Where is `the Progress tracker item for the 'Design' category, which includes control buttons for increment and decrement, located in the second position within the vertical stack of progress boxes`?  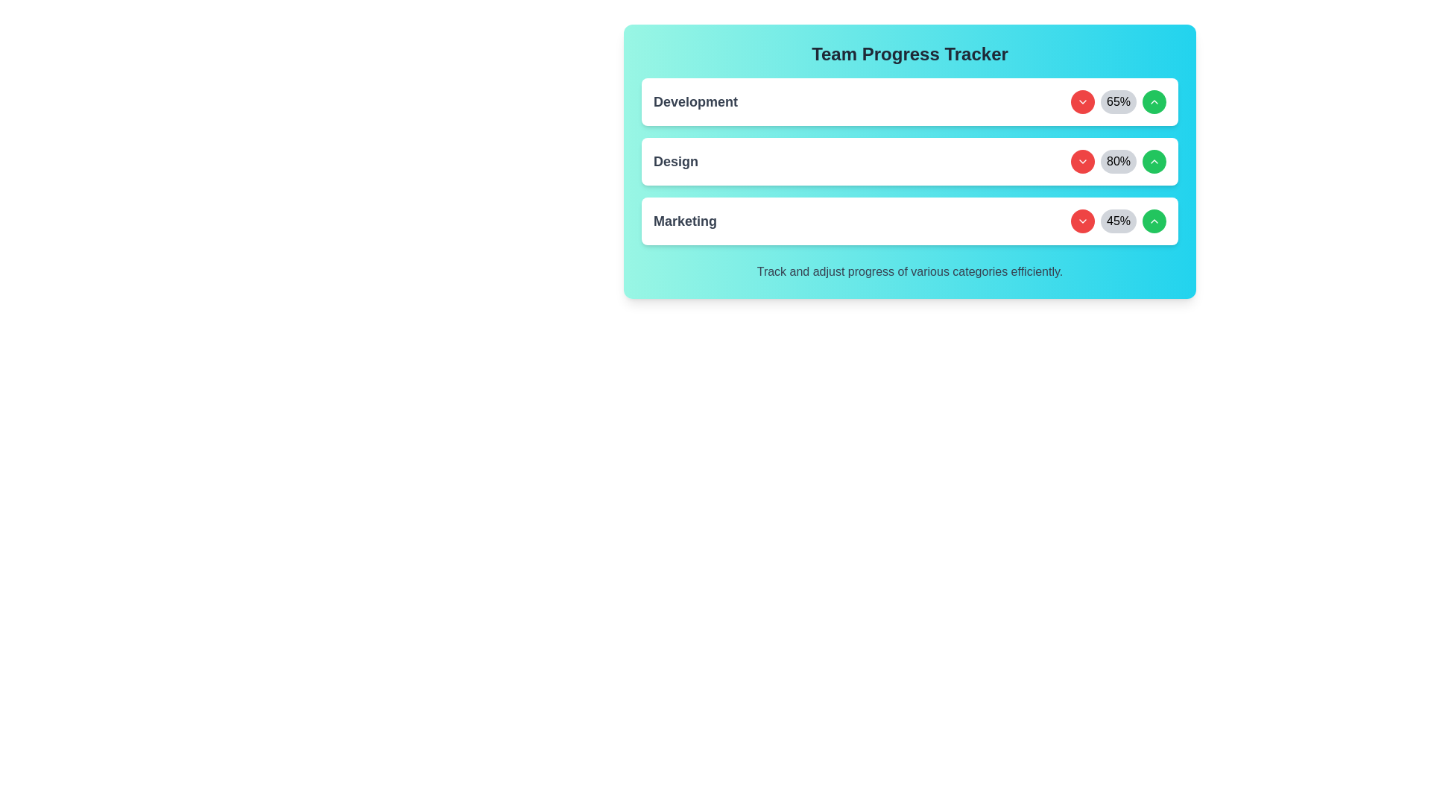 the Progress tracker item for the 'Design' category, which includes control buttons for increment and decrement, located in the second position within the vertical stack of progress boxes is located at coordinates (909, 161).